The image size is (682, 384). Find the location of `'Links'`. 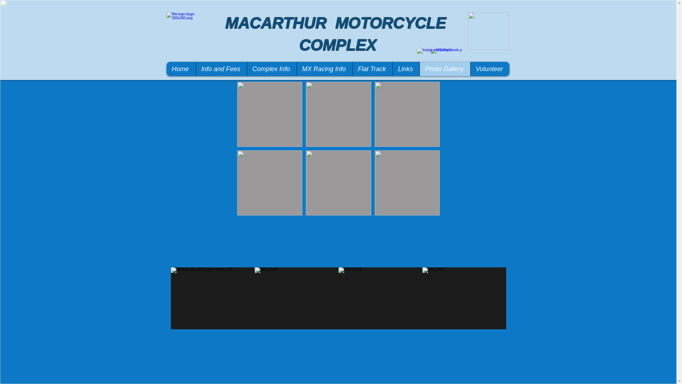

'Links' is located at coordinates (406, 69).